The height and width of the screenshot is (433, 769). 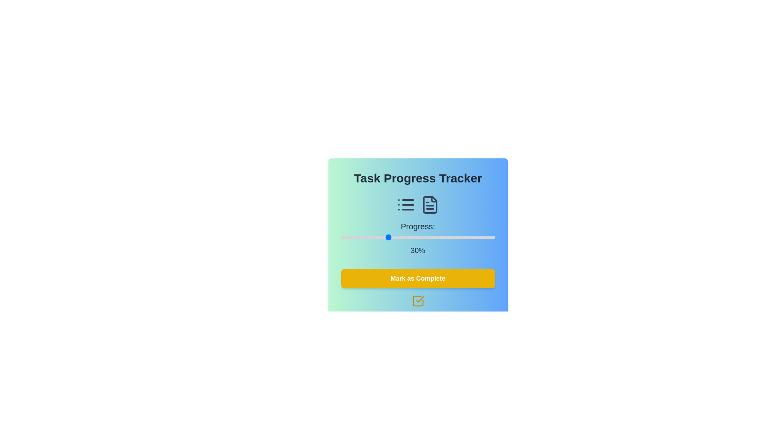 What do you see at coordinates (447, 237) in the screenshot?
I see `the slider to set the progress to 69%` at bounding box center [447, 237].